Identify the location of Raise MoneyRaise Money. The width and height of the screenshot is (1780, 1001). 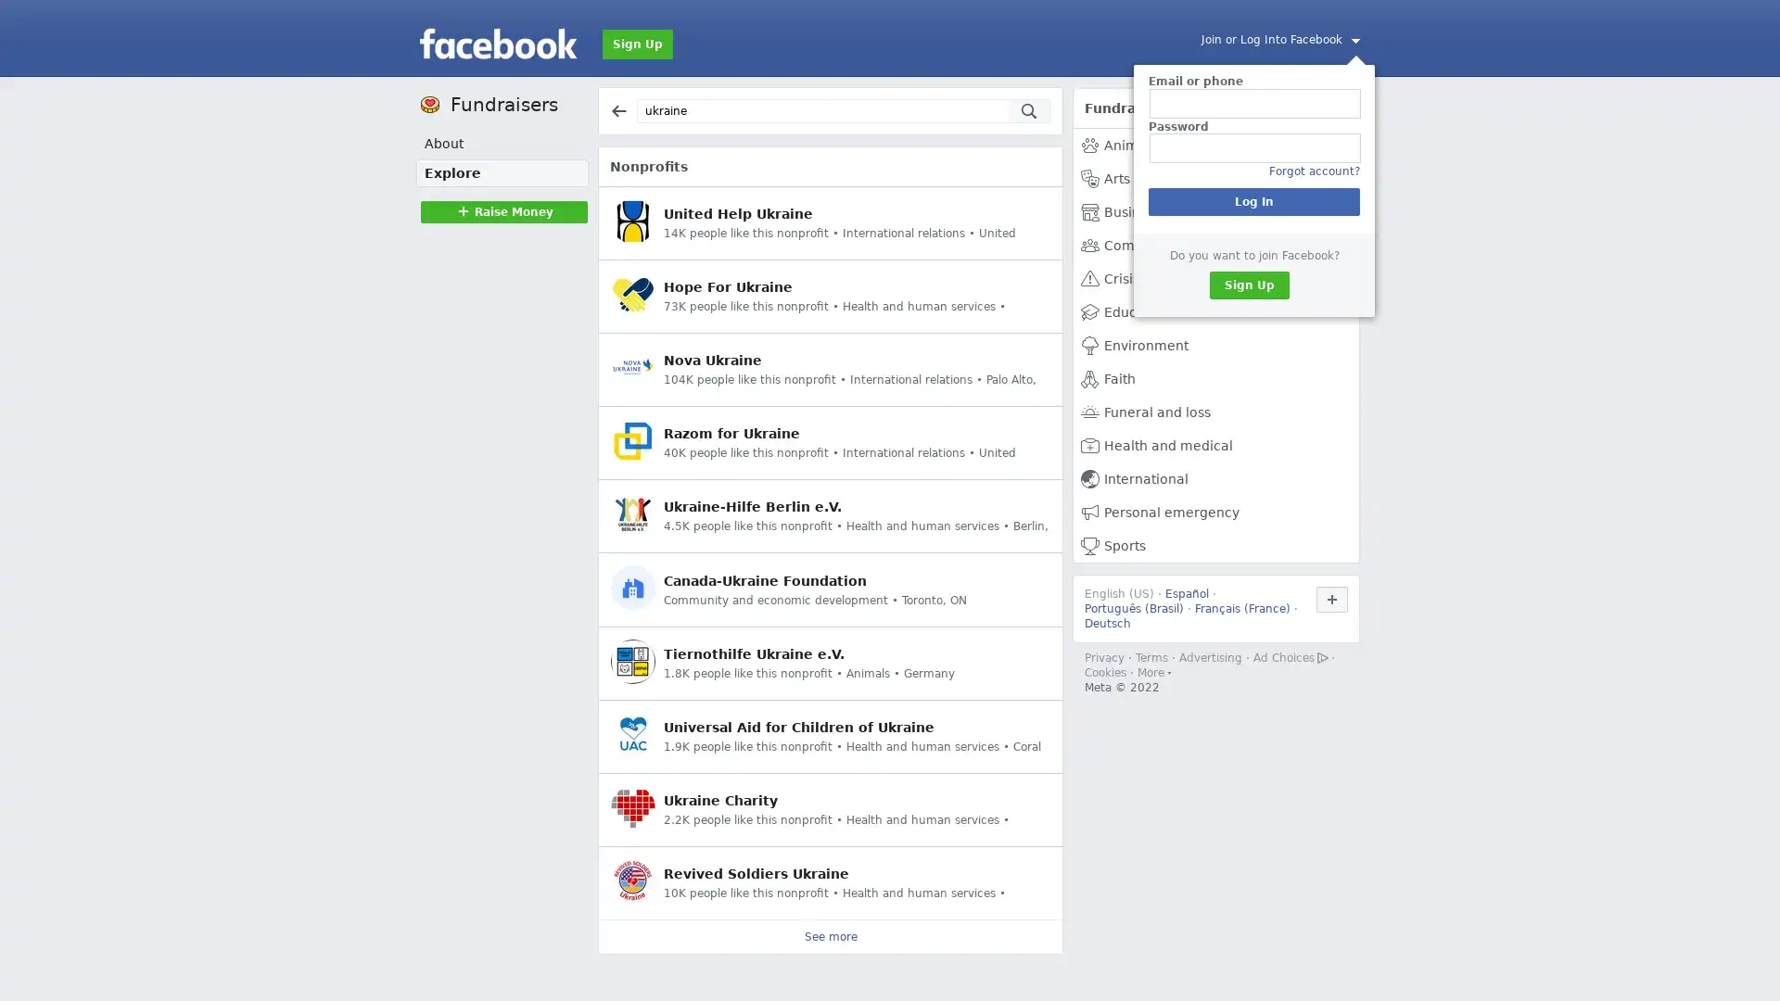
(503, 209).